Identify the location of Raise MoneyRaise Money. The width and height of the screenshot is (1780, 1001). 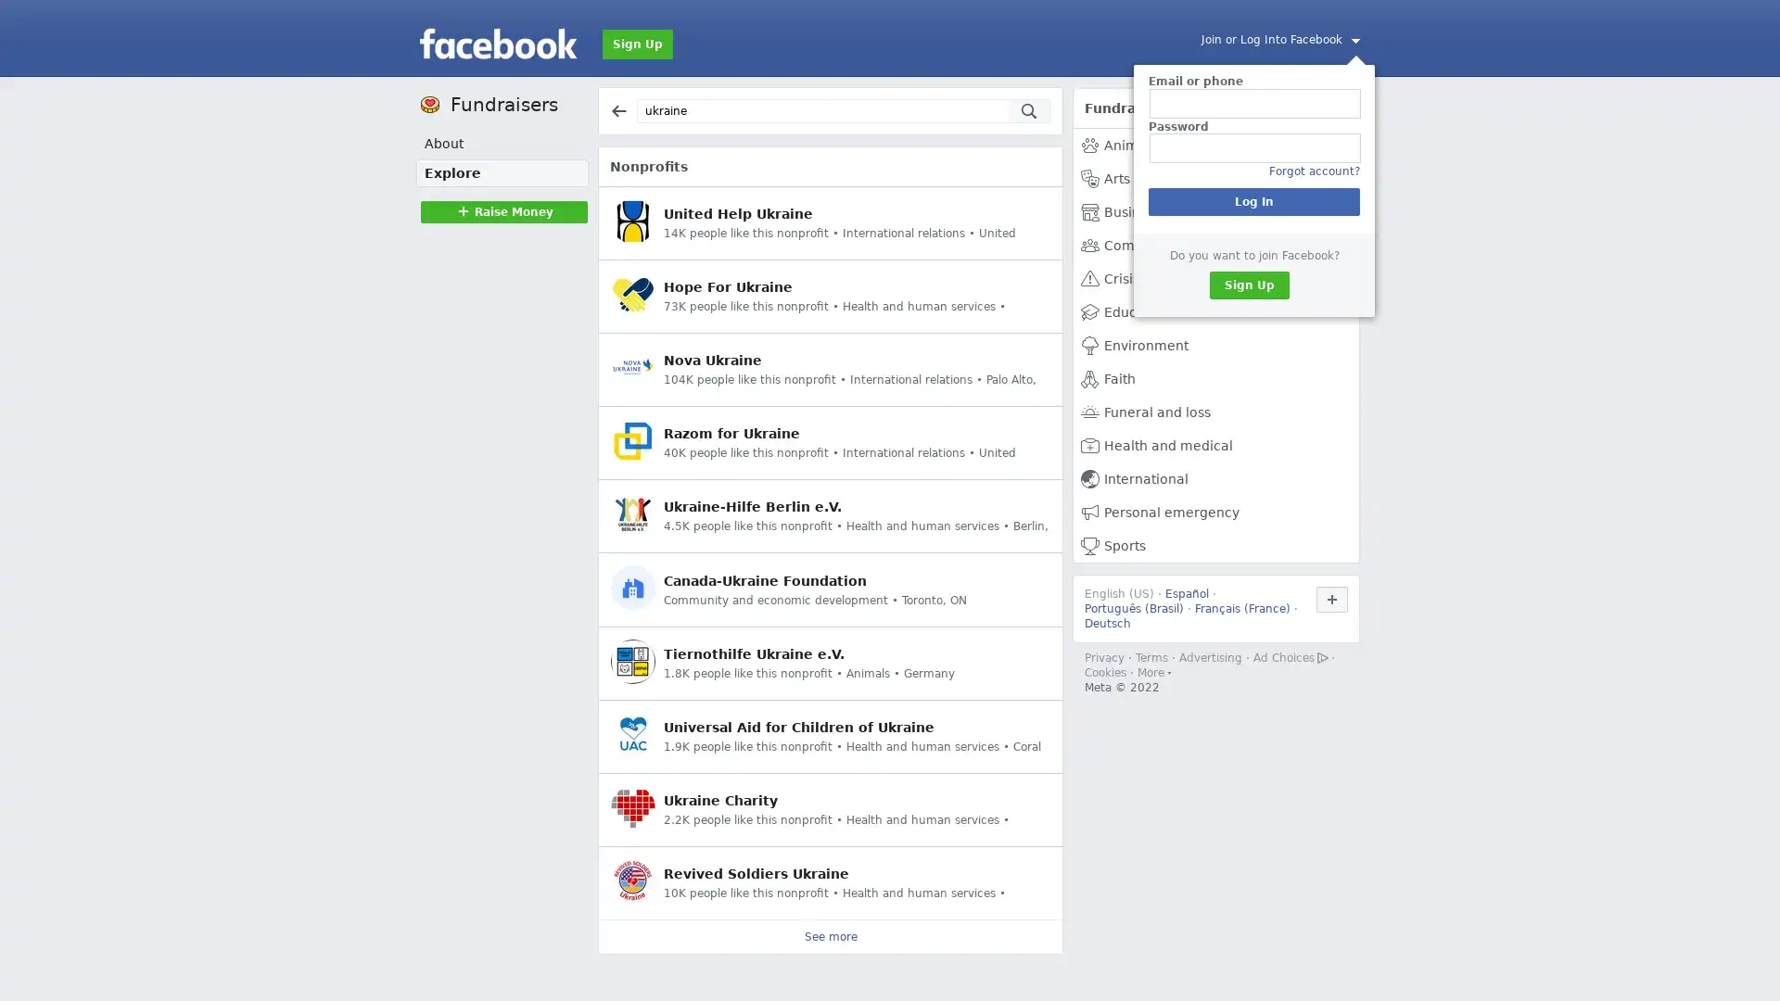
(503, 209).